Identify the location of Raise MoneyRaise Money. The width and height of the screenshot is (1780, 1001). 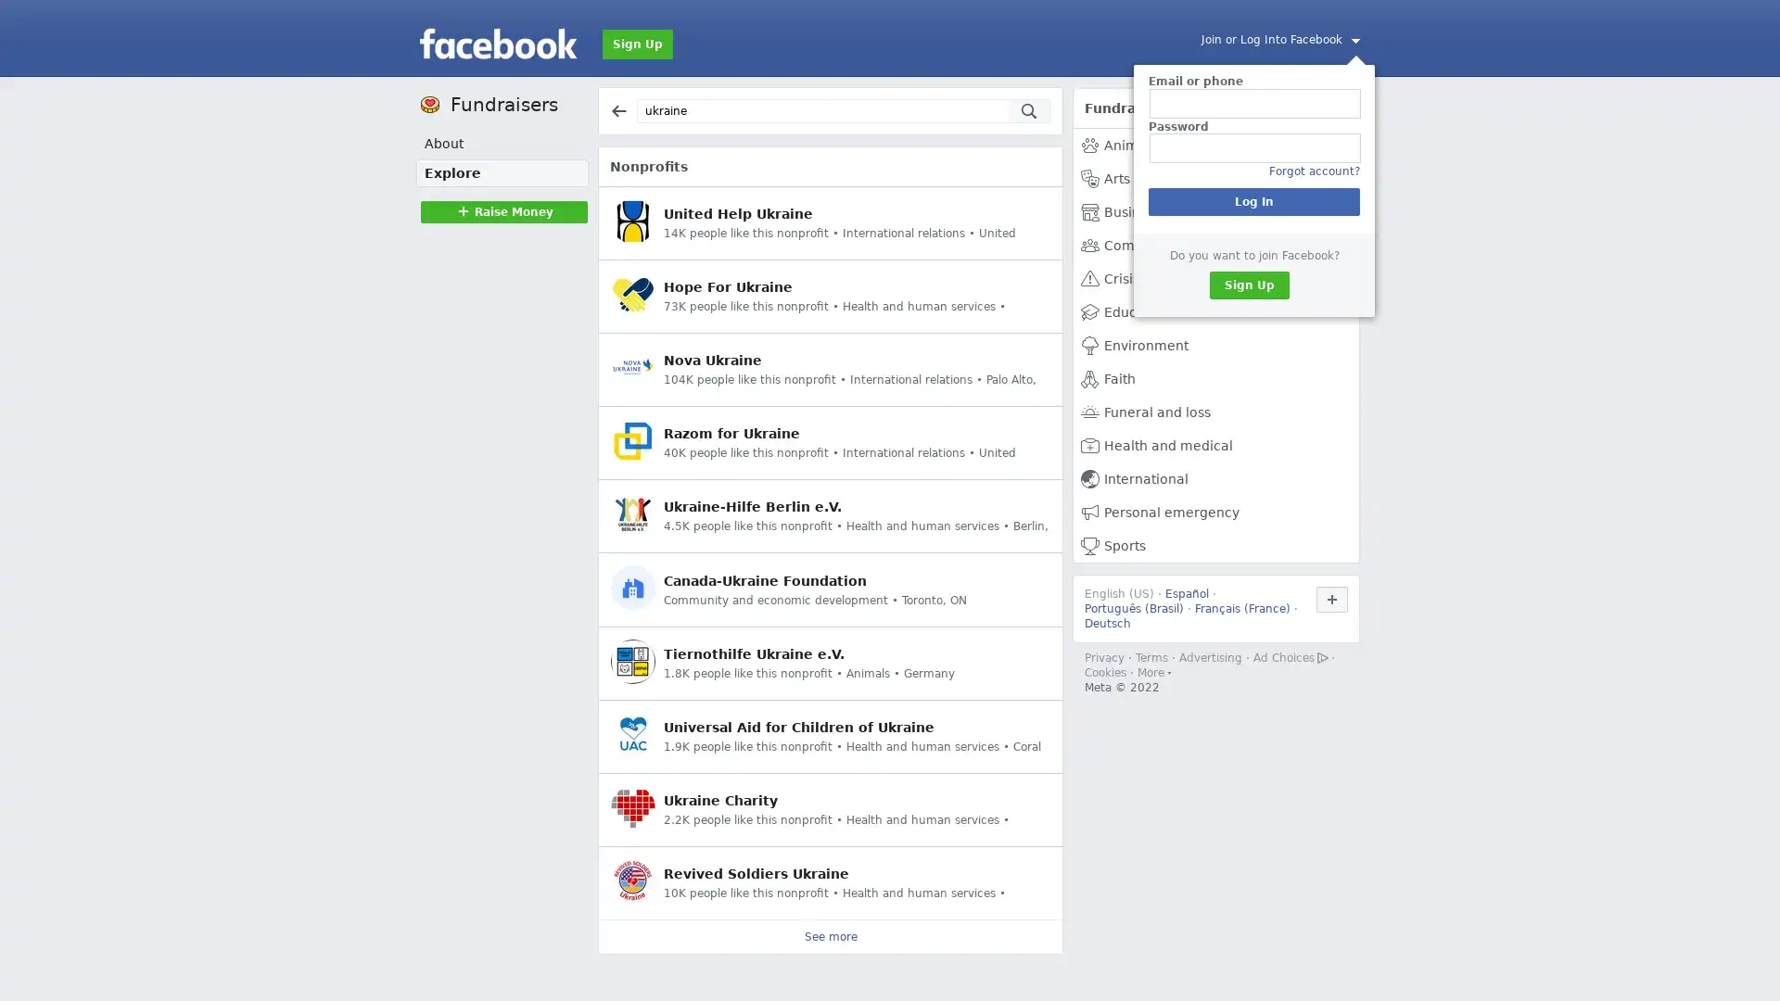
(503, 209).